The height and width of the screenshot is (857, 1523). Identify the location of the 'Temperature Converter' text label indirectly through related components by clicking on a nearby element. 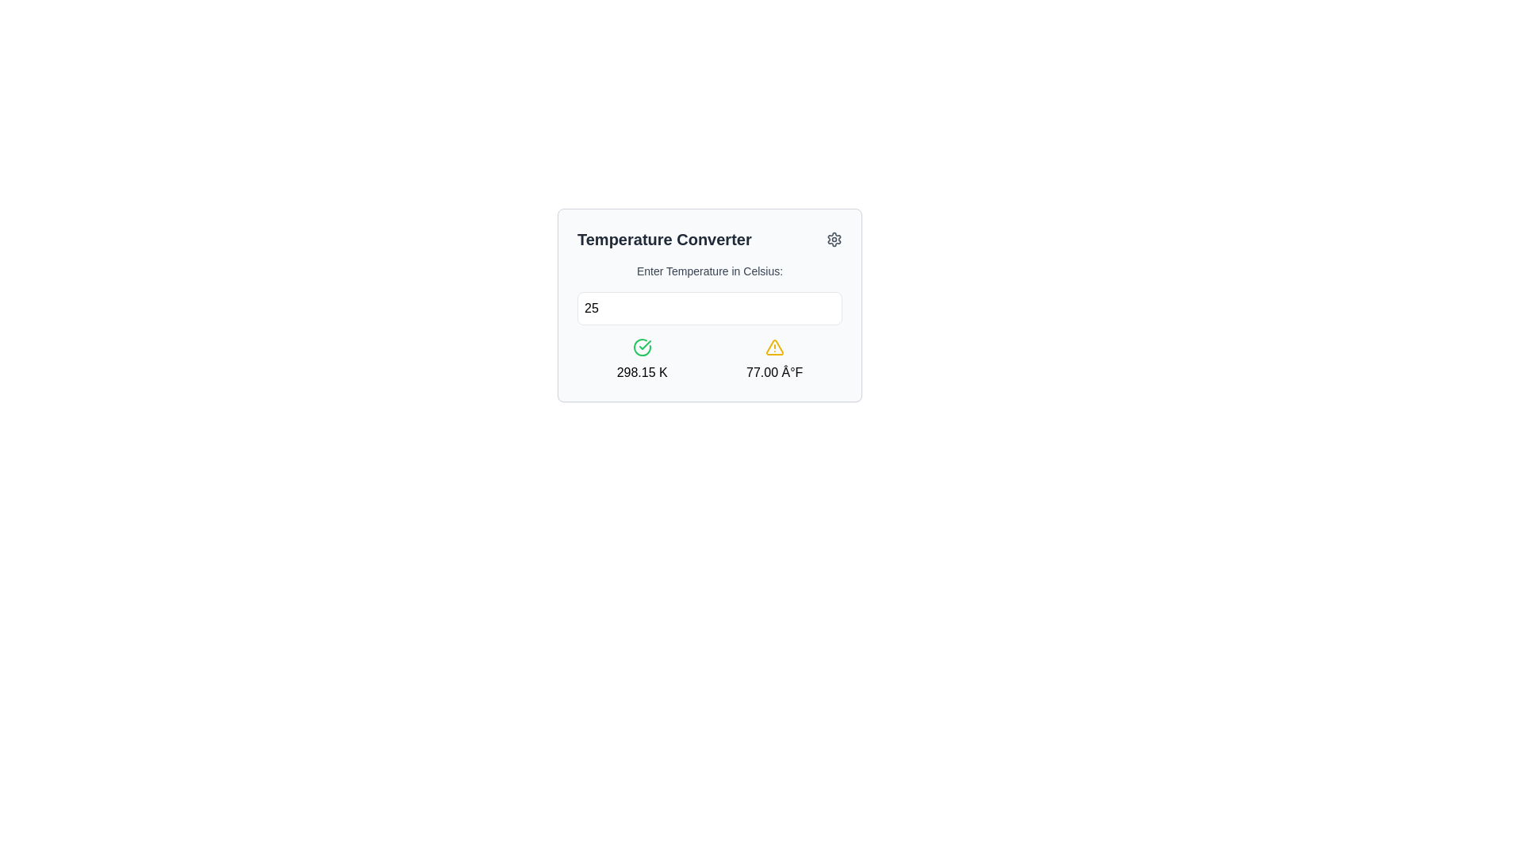
(664, 239).